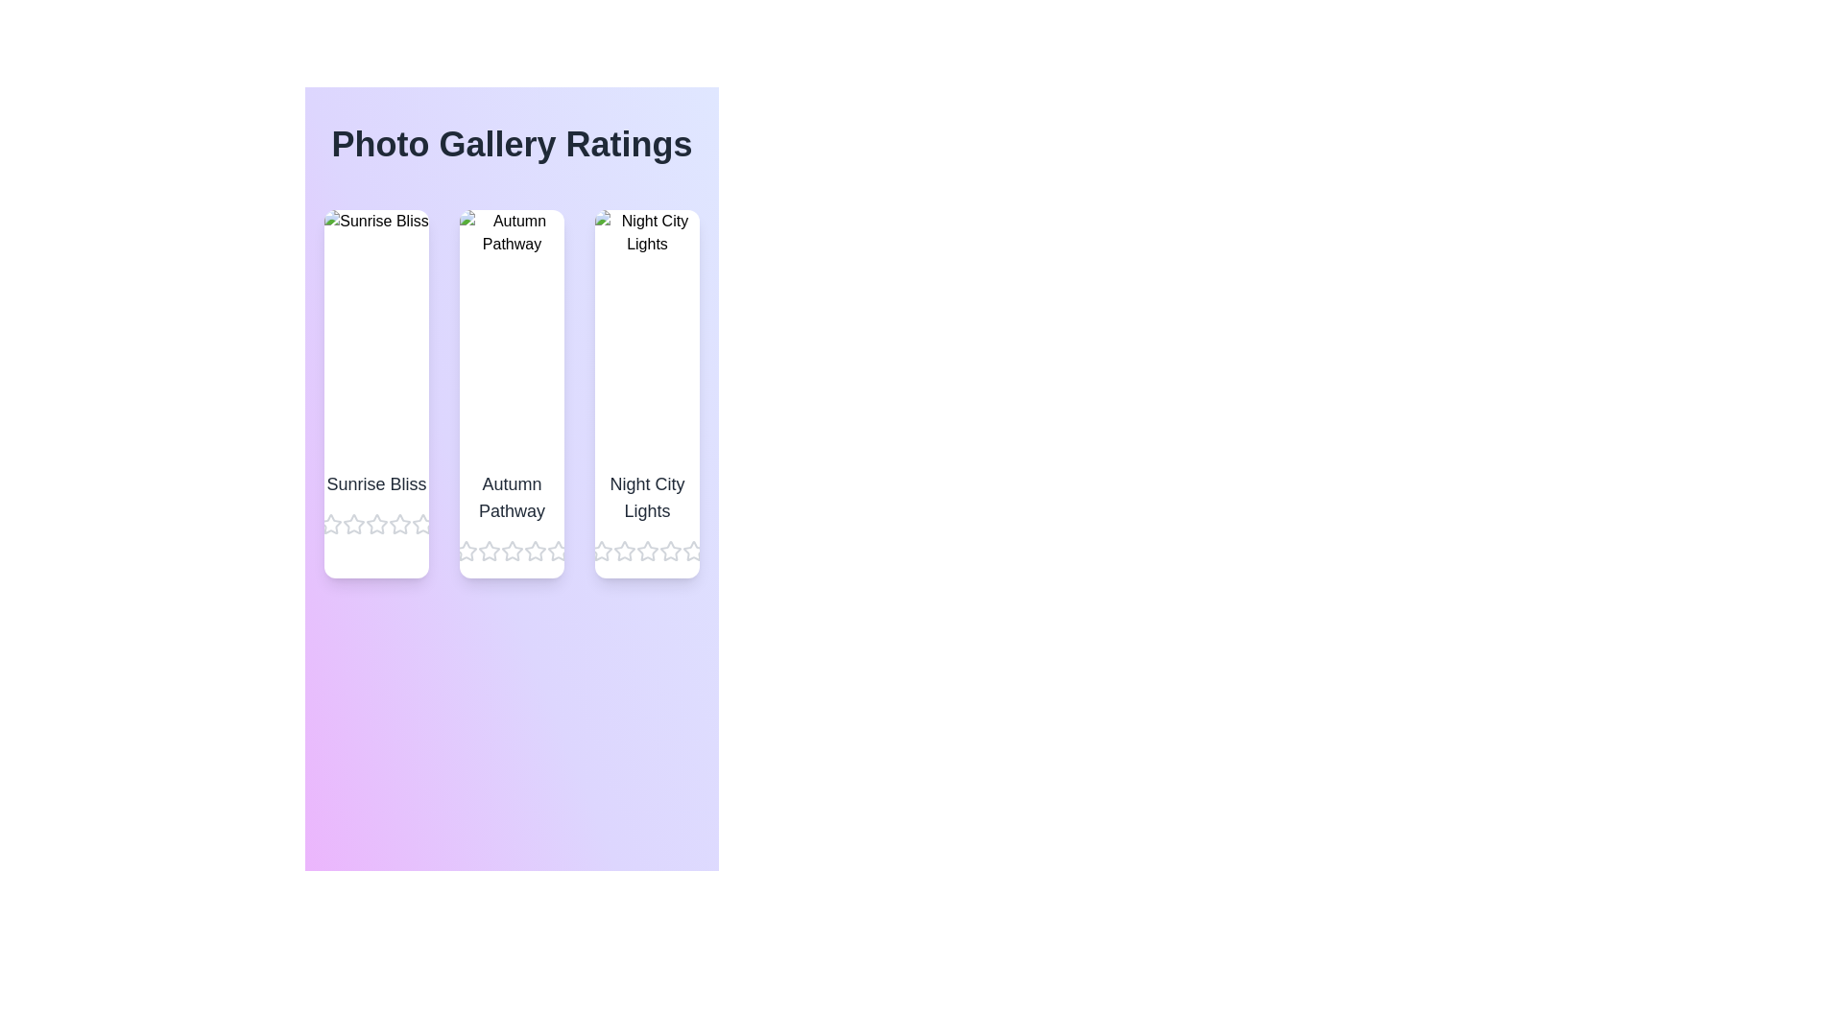 Image resolution: width=1843 pixels, height=1036 pixels. What do you see at coordinates (647, 551) in the screenshot?
I see `the star corresponding to 3 stars for the image titled Night City Lights` at bounding box center [647, 551].